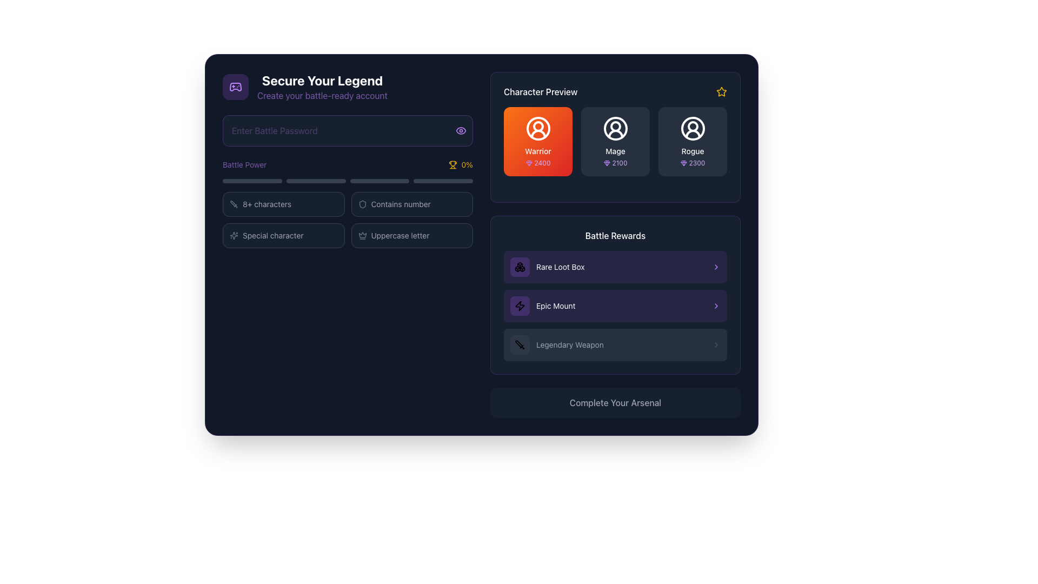 This screenshot has width=1038, height=584. I want to click on information displayed in the 'Warrior' text label, which is centrally aligned in a gradient background and located within the 'Character Preview' section, below the user avatar icon, so click(538, 151).